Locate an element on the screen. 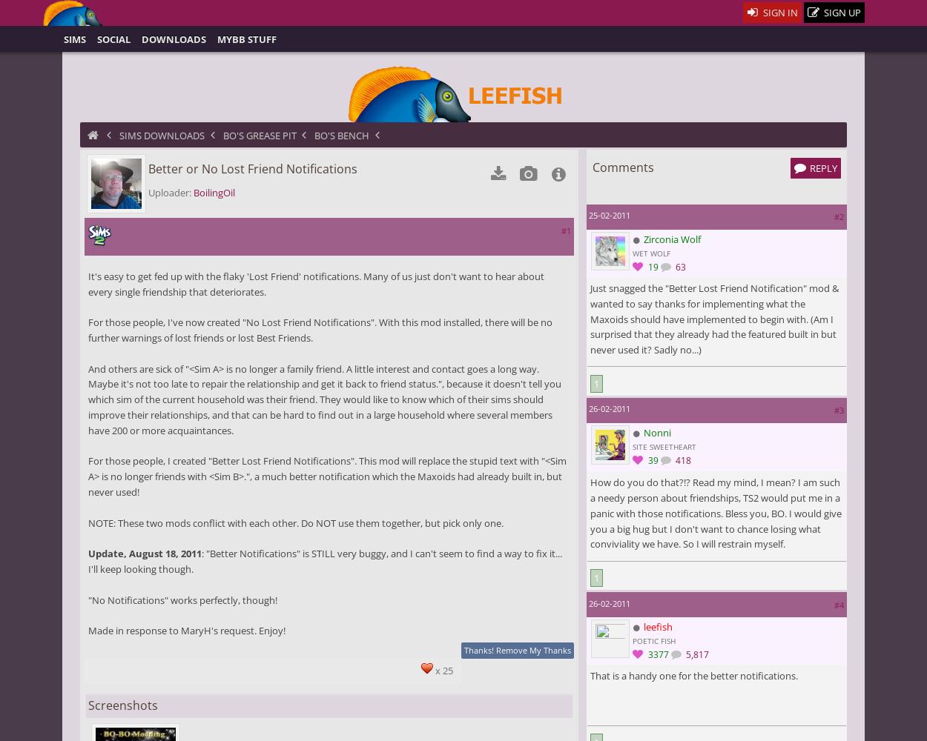  'BO's Bench' is located at coordinates (341, 135).